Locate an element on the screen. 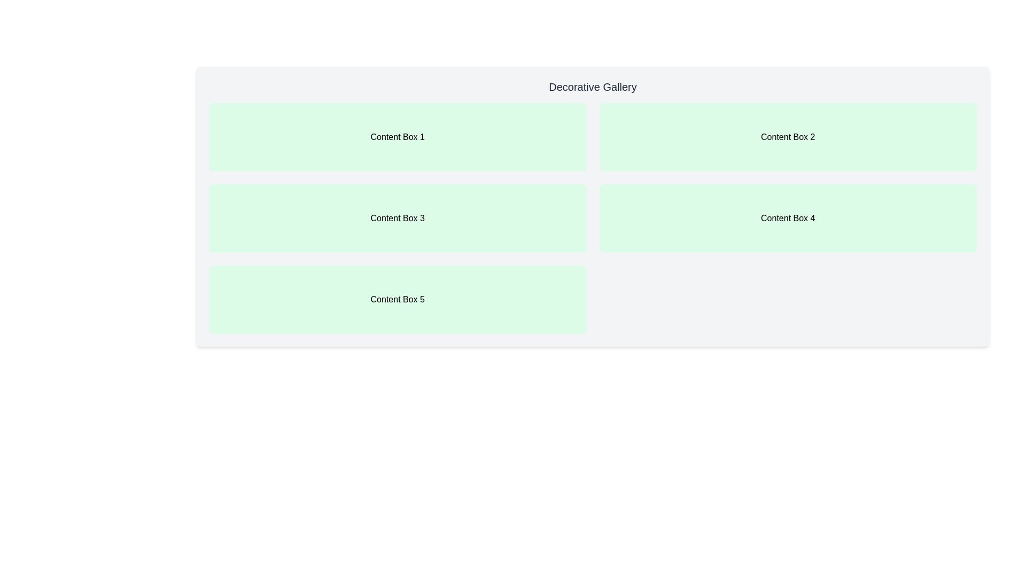 Image resolution: width=1026 pixels, height=577 pixels. the textual header displaying 'Decorative Gallery' is located at coordinates (592, 86).